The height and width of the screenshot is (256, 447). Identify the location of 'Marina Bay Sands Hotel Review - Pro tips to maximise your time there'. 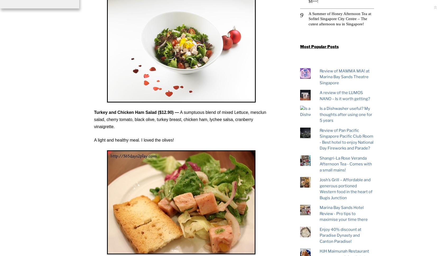
(343, 213).